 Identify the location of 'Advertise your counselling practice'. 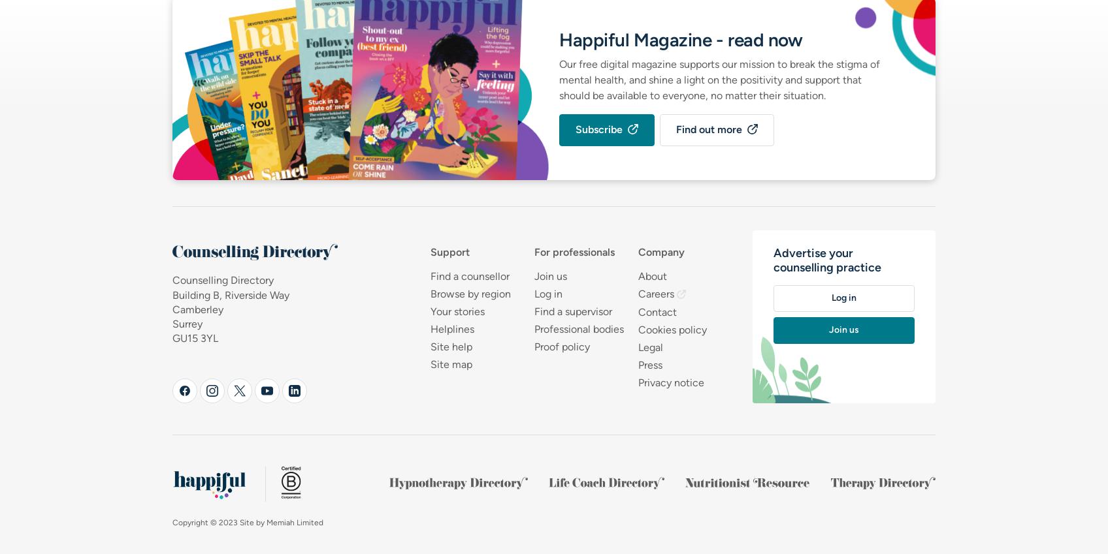
(826, 260).